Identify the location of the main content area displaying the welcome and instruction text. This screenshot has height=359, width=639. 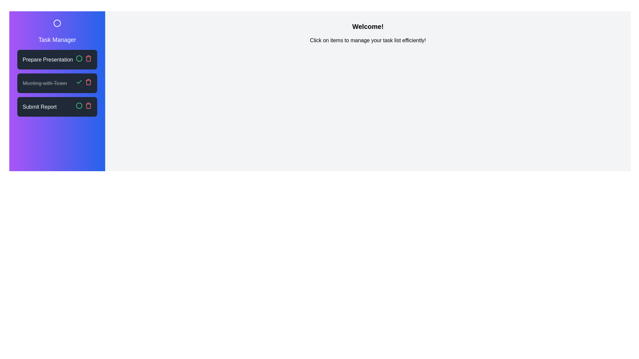
(367, 41).